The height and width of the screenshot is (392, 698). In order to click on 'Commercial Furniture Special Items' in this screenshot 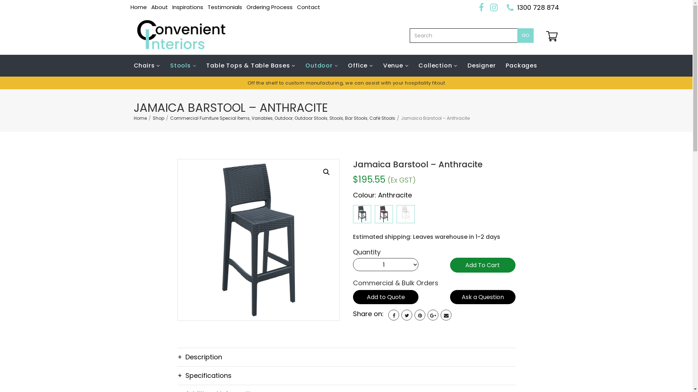, I will do `click(209, 118)`.